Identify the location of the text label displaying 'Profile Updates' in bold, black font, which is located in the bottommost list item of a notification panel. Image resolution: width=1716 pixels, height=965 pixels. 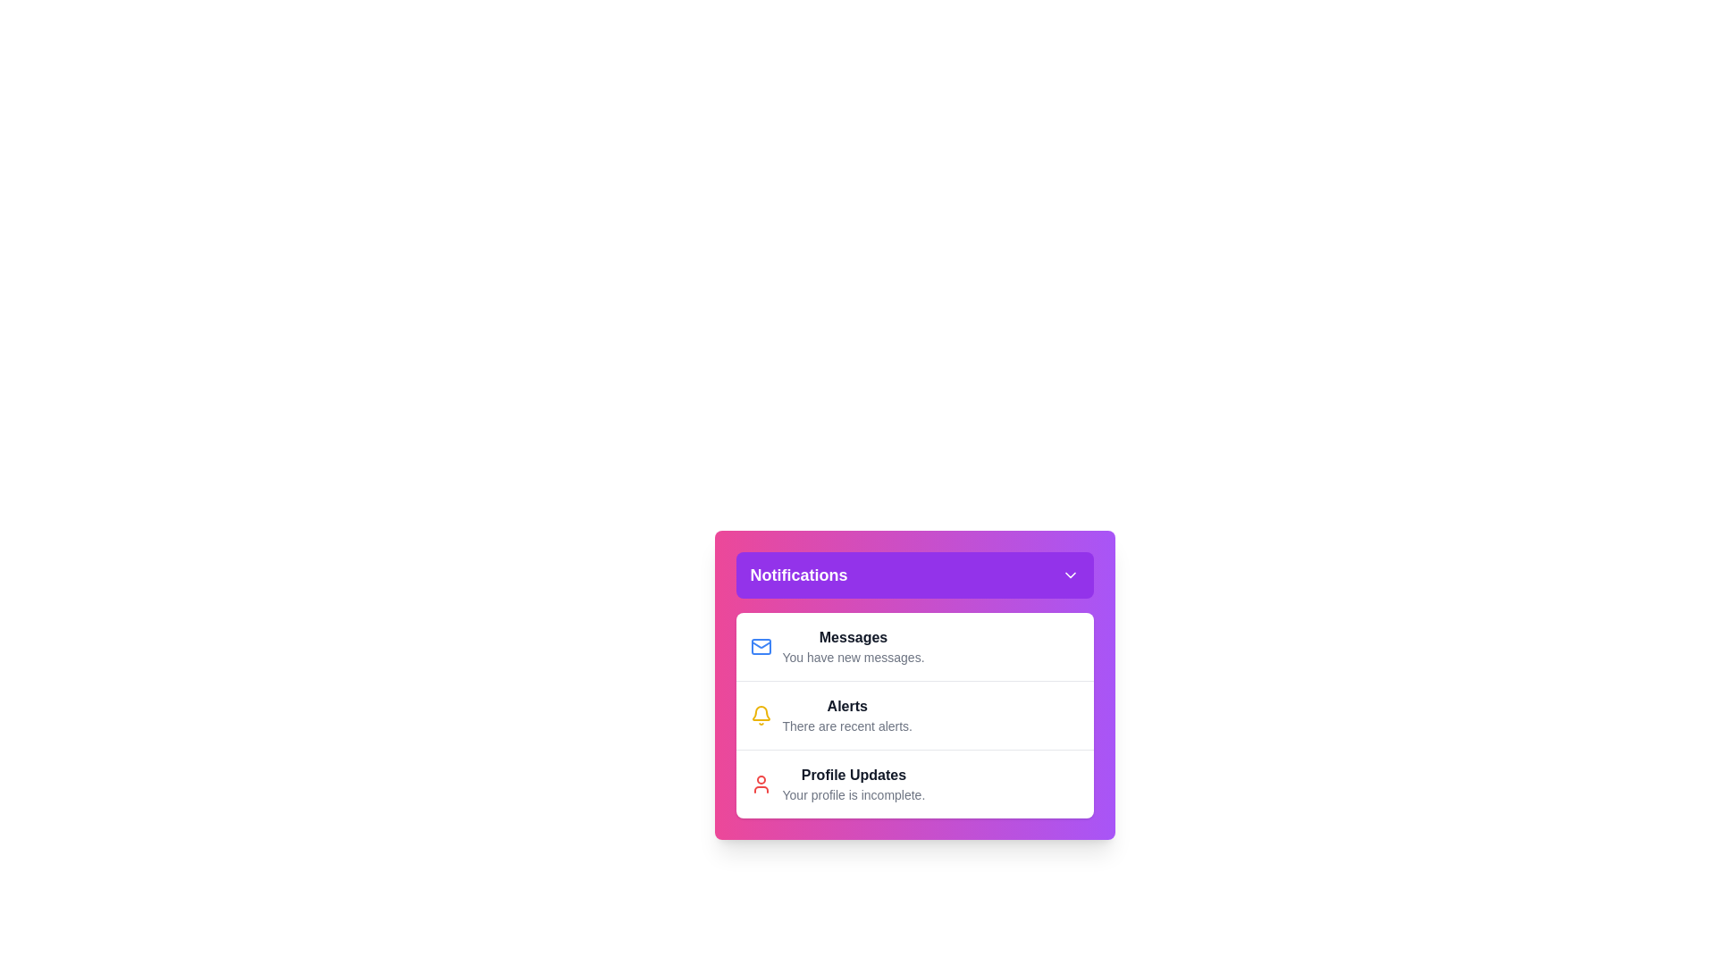
(853, 774).